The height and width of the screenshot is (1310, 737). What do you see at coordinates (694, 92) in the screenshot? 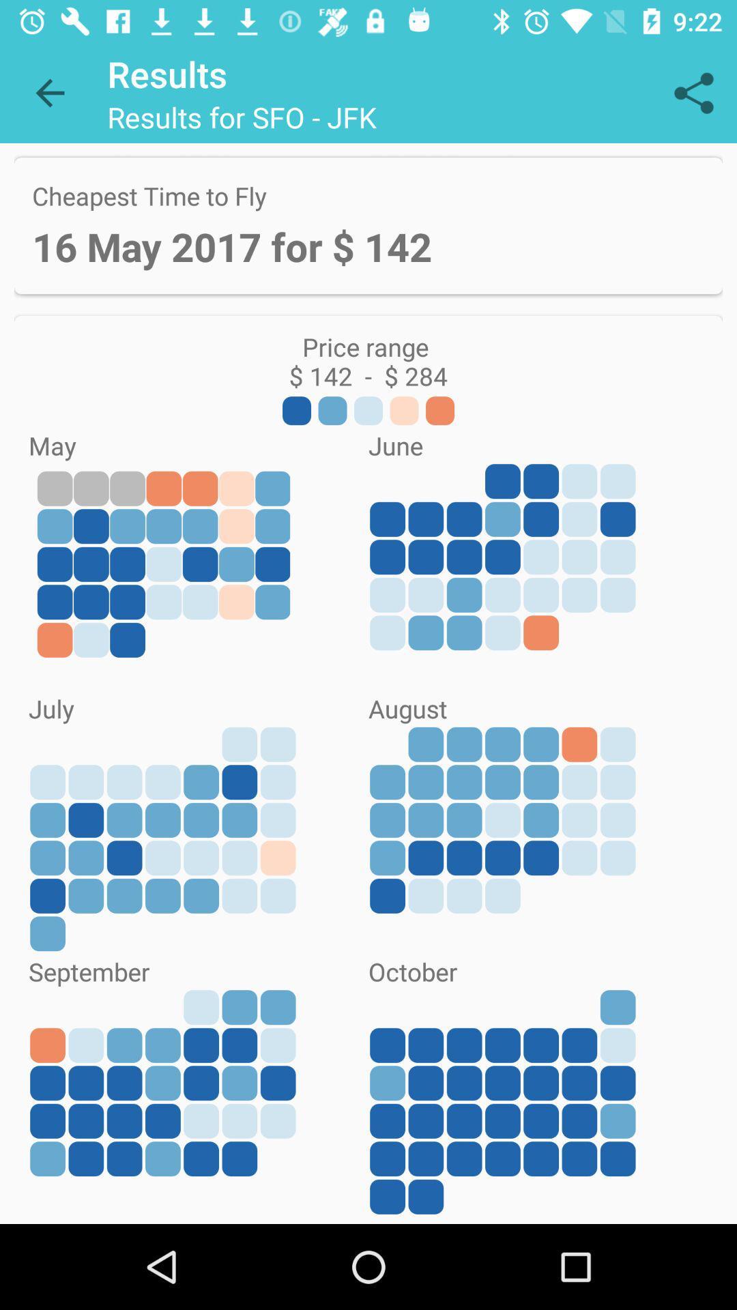
I see `icon to the right of the results for sfo icon` at bounding box center [694, 92].